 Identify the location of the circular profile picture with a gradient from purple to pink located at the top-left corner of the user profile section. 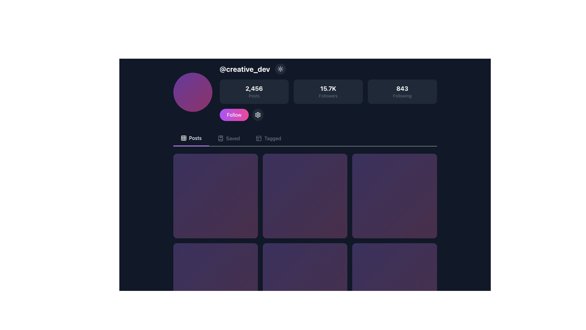
(192, 92).